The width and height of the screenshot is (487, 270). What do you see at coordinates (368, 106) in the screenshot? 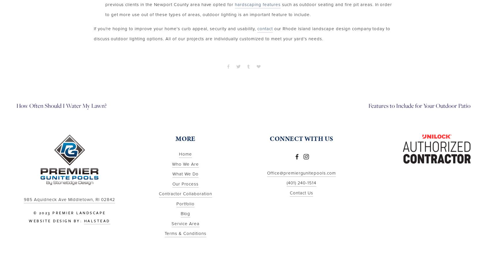
I see `'Features to Include for Your Outdoor Patio'` at bounding box center [368, 106].